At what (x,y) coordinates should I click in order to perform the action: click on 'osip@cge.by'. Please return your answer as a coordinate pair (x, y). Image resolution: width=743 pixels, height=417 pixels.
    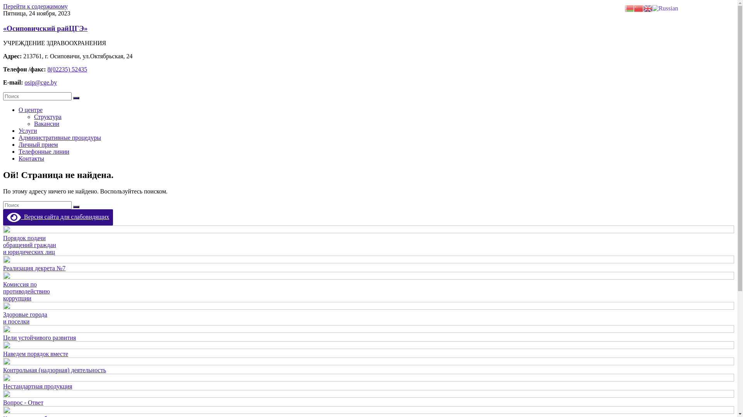
    Looking at the image, I should click on (24, 82).